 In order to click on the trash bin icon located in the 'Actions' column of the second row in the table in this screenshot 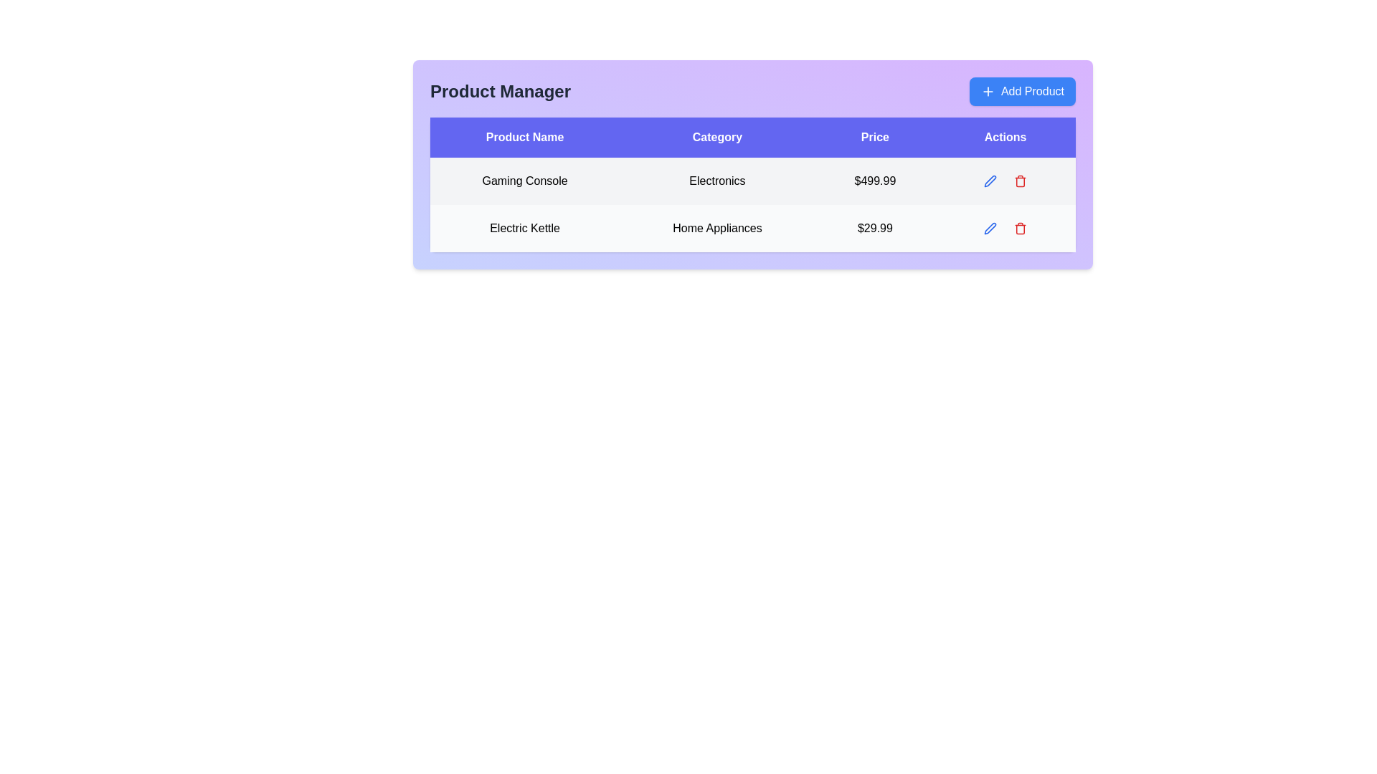, I will do `click(1020, 229)`.